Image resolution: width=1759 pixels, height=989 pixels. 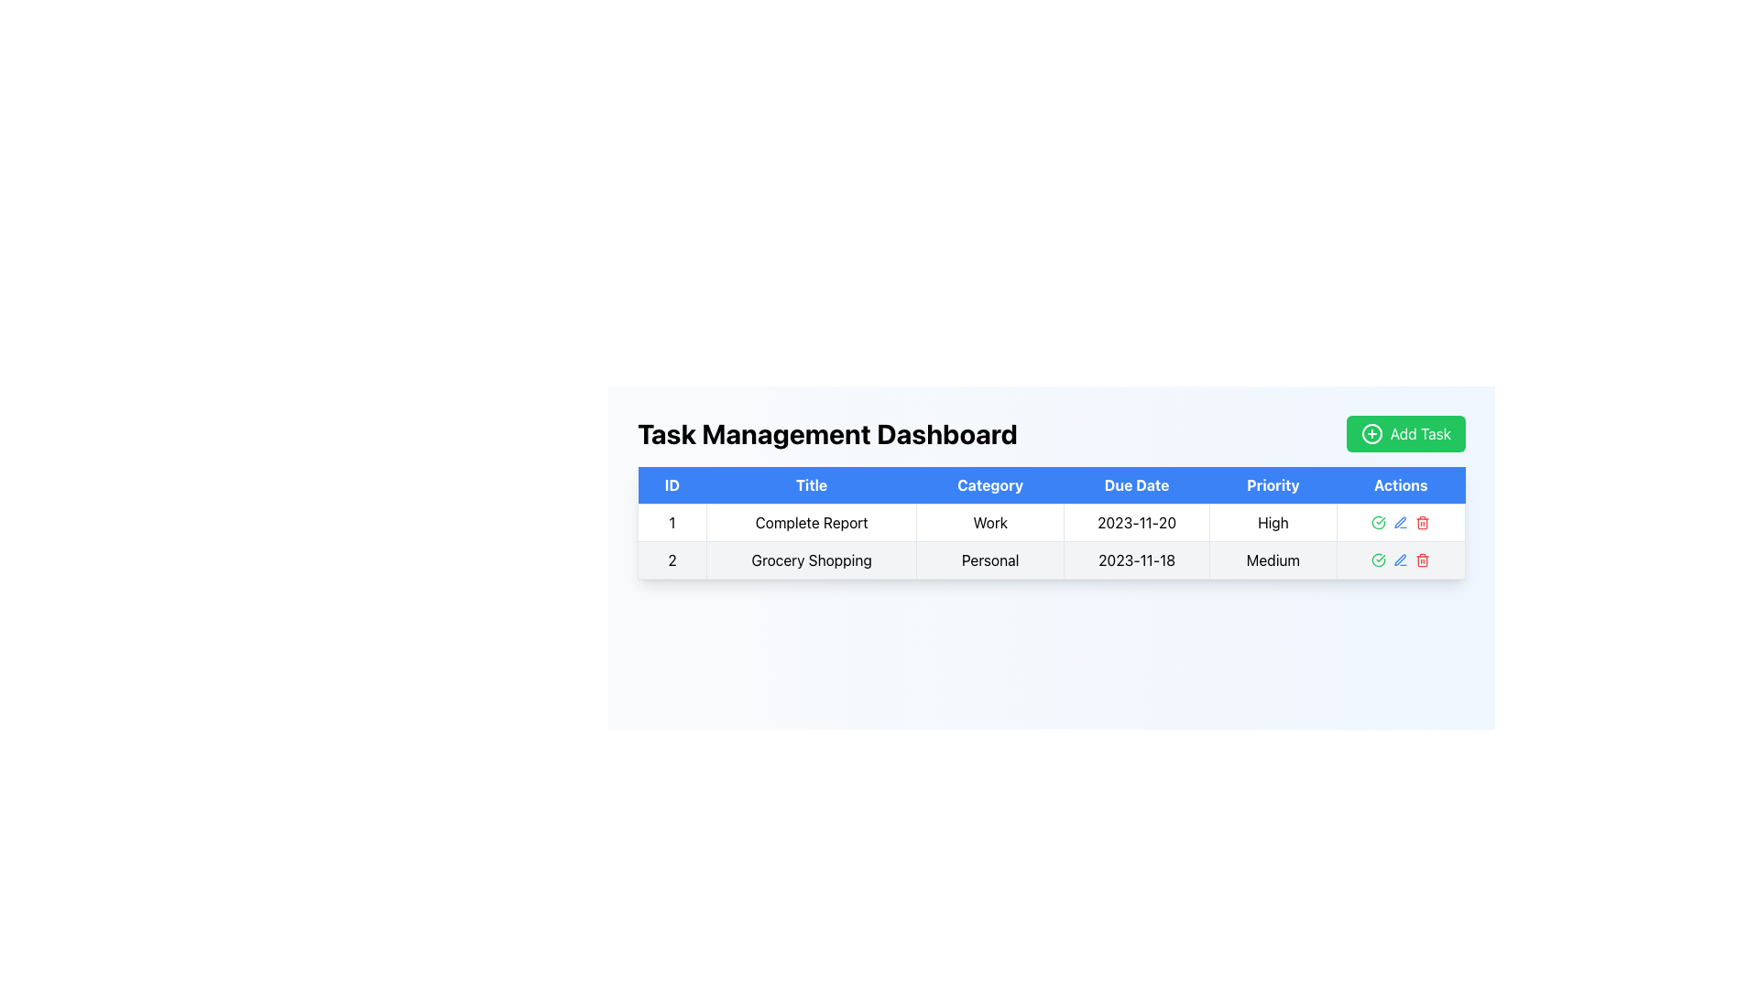 What do you see at coordinates (989, 522) in the screenshot?
I see `the label in the third cell of the first row of the table that represents the task category, adjacent to 'Complete Report' on the left and '2023-11-20' on the right` at bounding box center [989, 522].